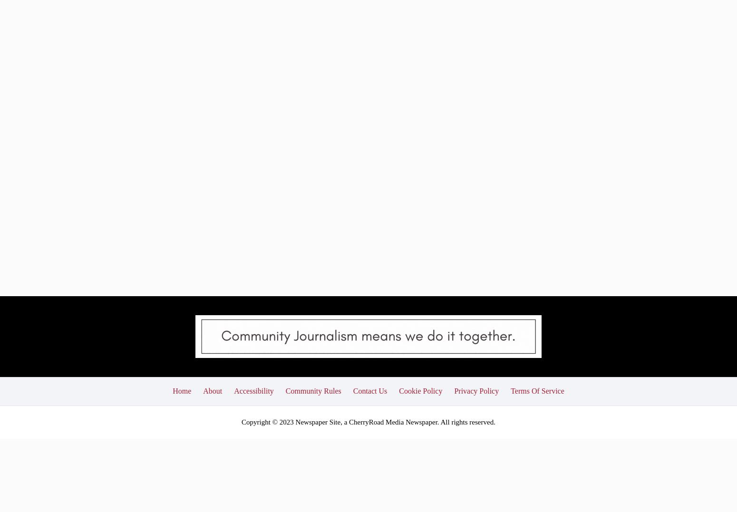 This screenshot has height=512, width=737. I want to click on 'Newspaper. All rights reserved.', so click(449, 352).